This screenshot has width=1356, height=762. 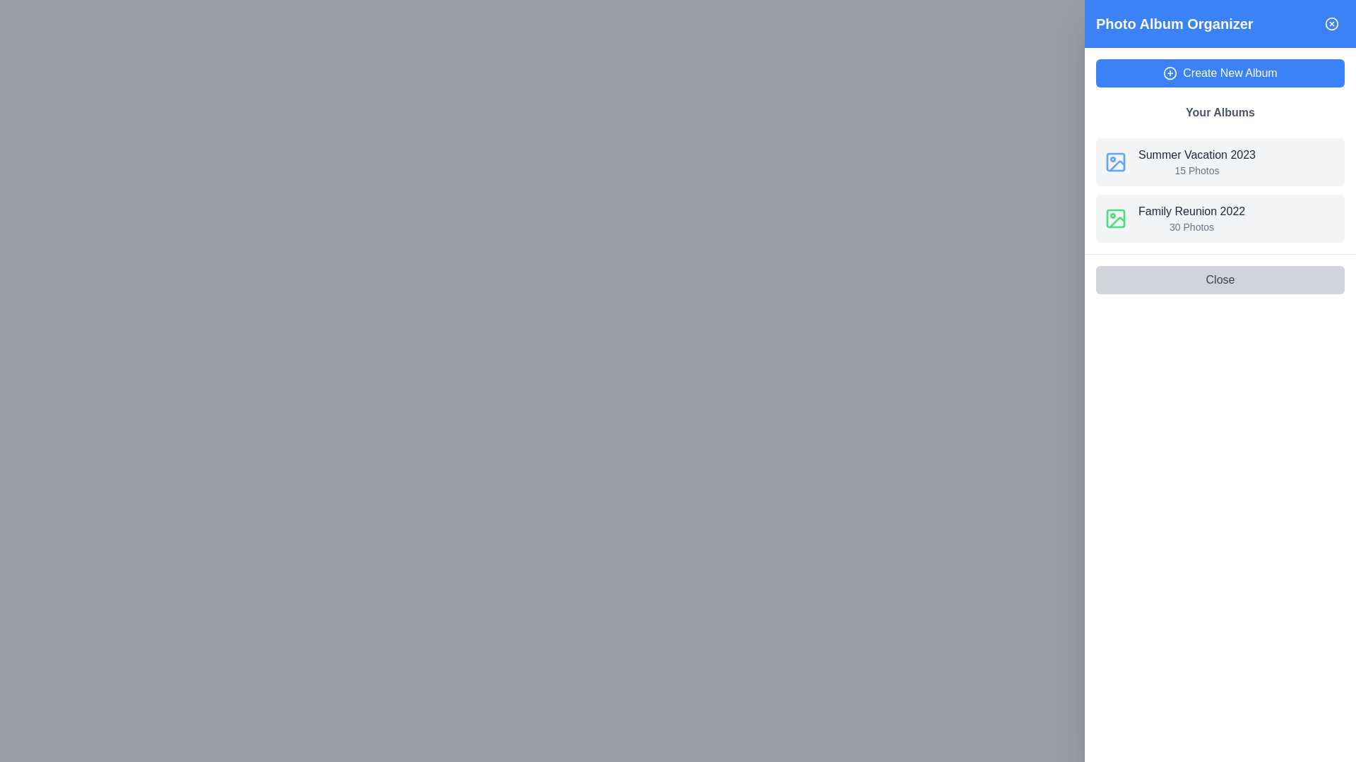 I want to click on the title text of the first photo album, which is located above the '15 Photos' text within the 'Your Albums' section, so click(x=1196, y=155).